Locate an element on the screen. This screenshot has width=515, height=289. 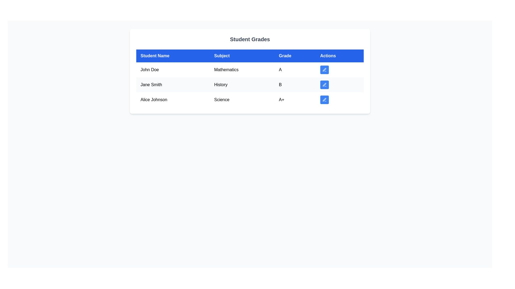
the edit button in the 'Actions' column for the row of 'Alice Johnson' in the 'Student Grades' table is located at coordinates (324, 100).